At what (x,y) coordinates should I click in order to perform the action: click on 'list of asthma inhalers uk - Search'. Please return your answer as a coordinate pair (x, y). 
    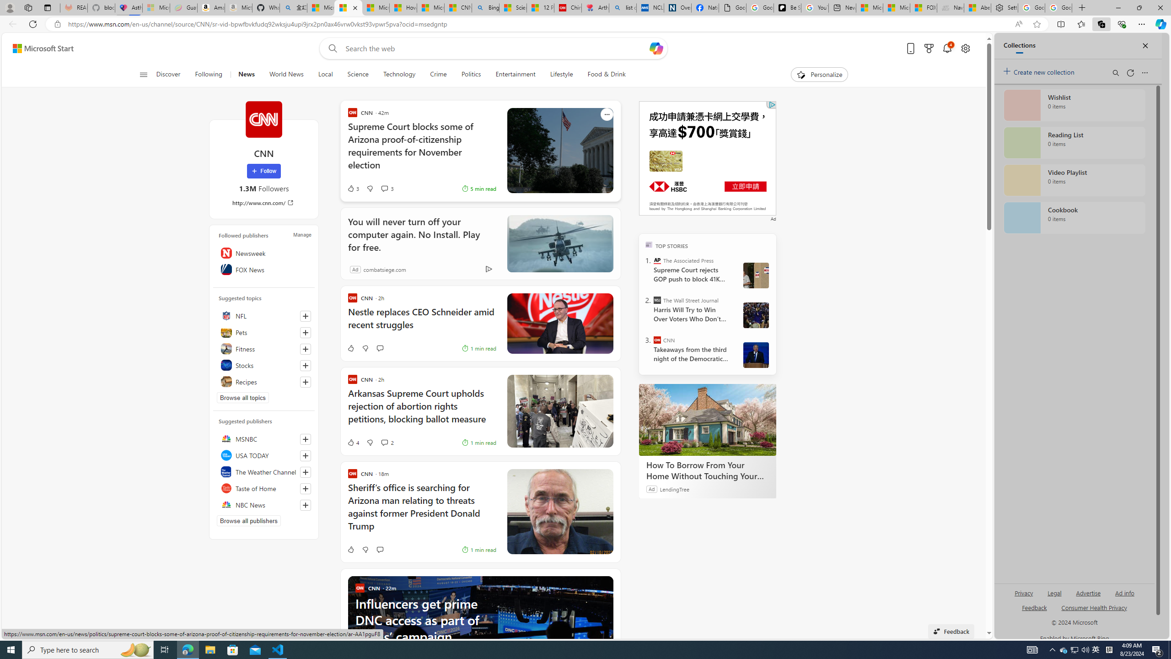
    Looking at the image, I should click on (623, 7).